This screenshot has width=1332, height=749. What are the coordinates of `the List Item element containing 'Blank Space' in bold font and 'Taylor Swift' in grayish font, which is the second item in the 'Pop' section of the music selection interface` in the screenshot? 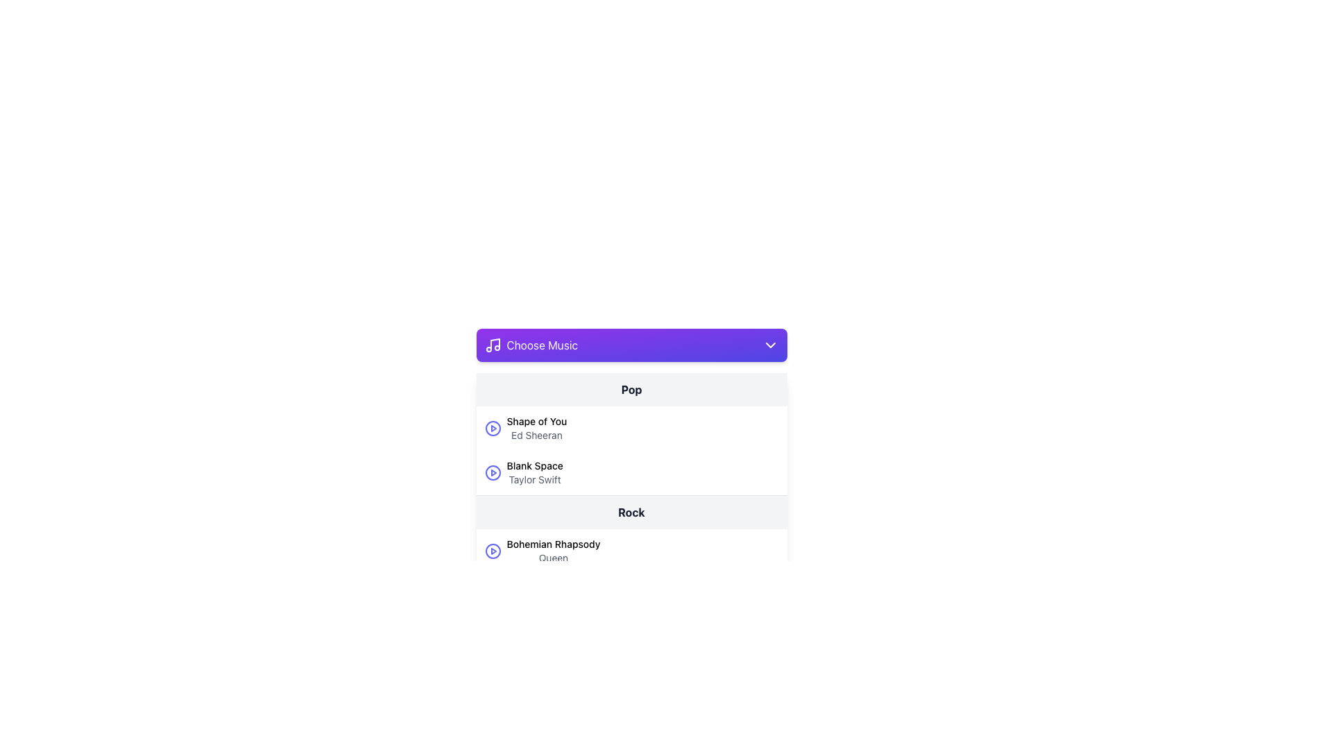 It's located at (631, 472).